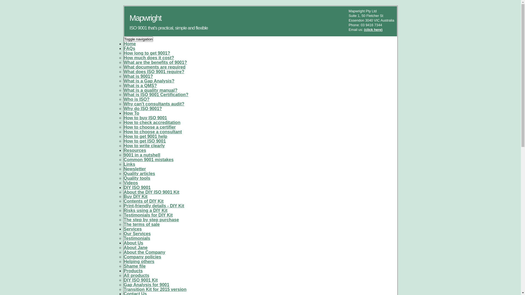  I want to click on 'How to write clearly', so click(144, 145).